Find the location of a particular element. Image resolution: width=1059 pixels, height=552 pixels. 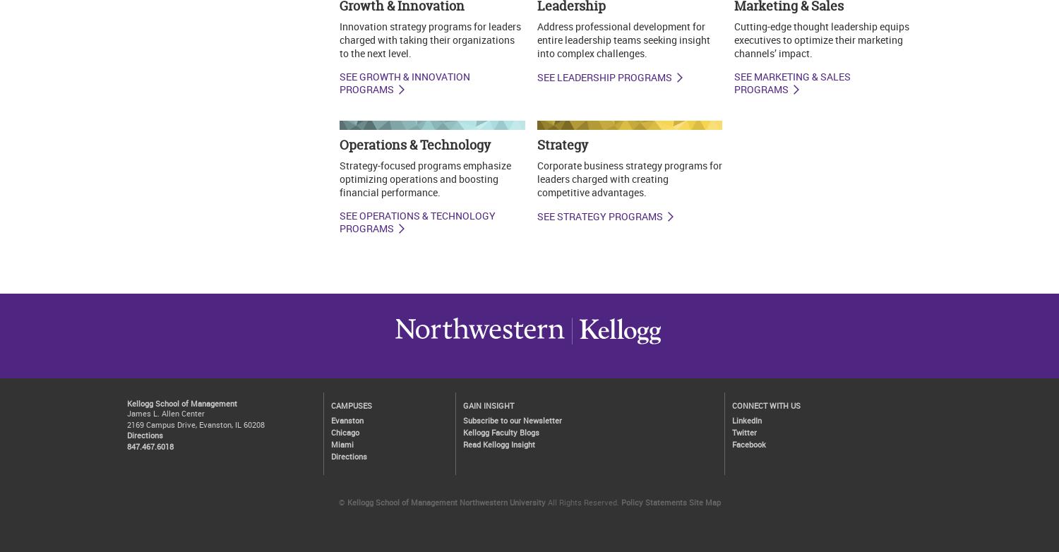

'Address professional development for entire leadership teams seeking insight into complex challenges.' is located at coordinates (623, 39).